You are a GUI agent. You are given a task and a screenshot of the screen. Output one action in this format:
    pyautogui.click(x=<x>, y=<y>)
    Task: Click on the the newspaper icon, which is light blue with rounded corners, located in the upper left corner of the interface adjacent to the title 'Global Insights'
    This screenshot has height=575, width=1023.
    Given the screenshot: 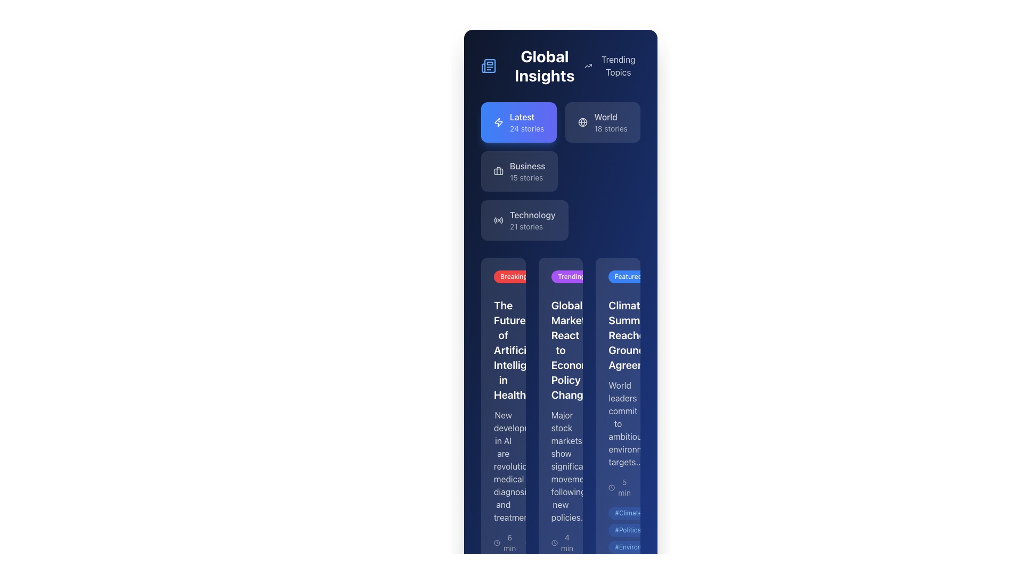 What is the action you would take?
    pyautogui.click(x=488, y=65)
    